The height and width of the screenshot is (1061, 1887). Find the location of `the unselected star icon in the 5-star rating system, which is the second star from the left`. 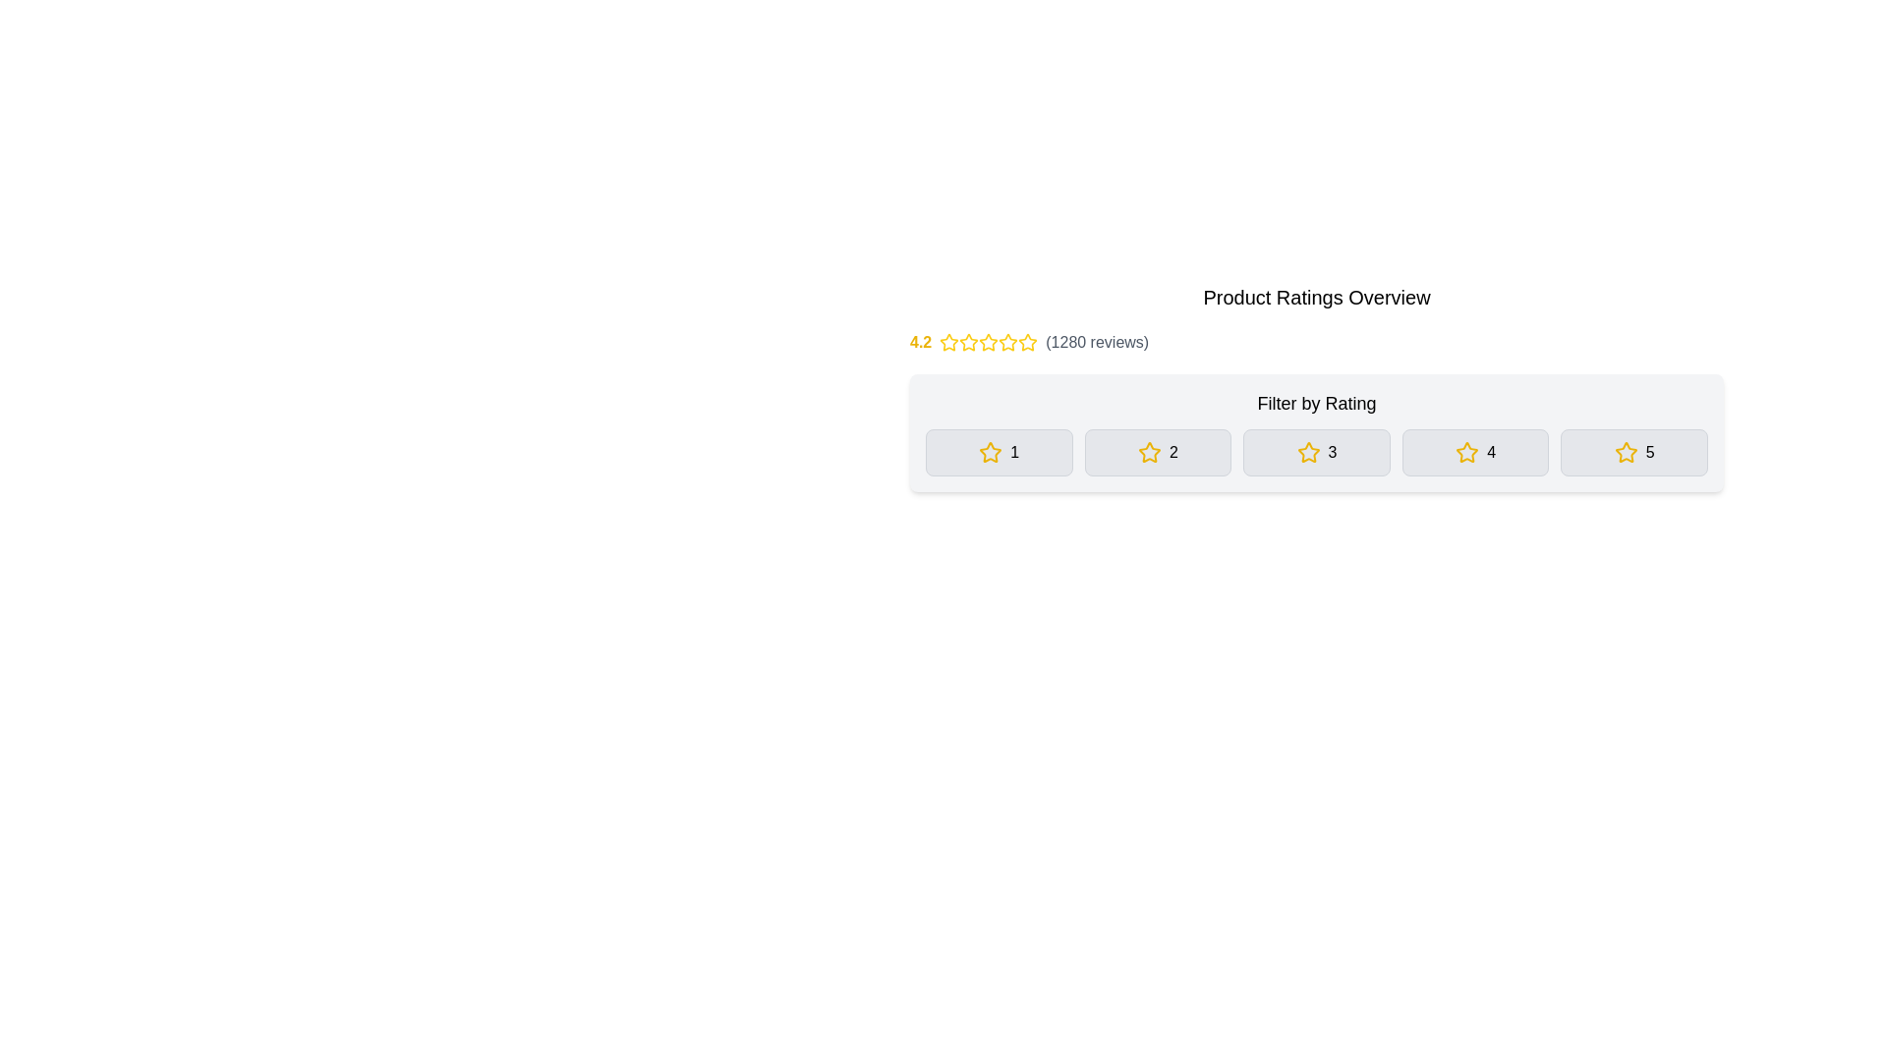

the unselected star icon in the 5-star rating system, which is the second star from the left is located at coordinates (969, 341).